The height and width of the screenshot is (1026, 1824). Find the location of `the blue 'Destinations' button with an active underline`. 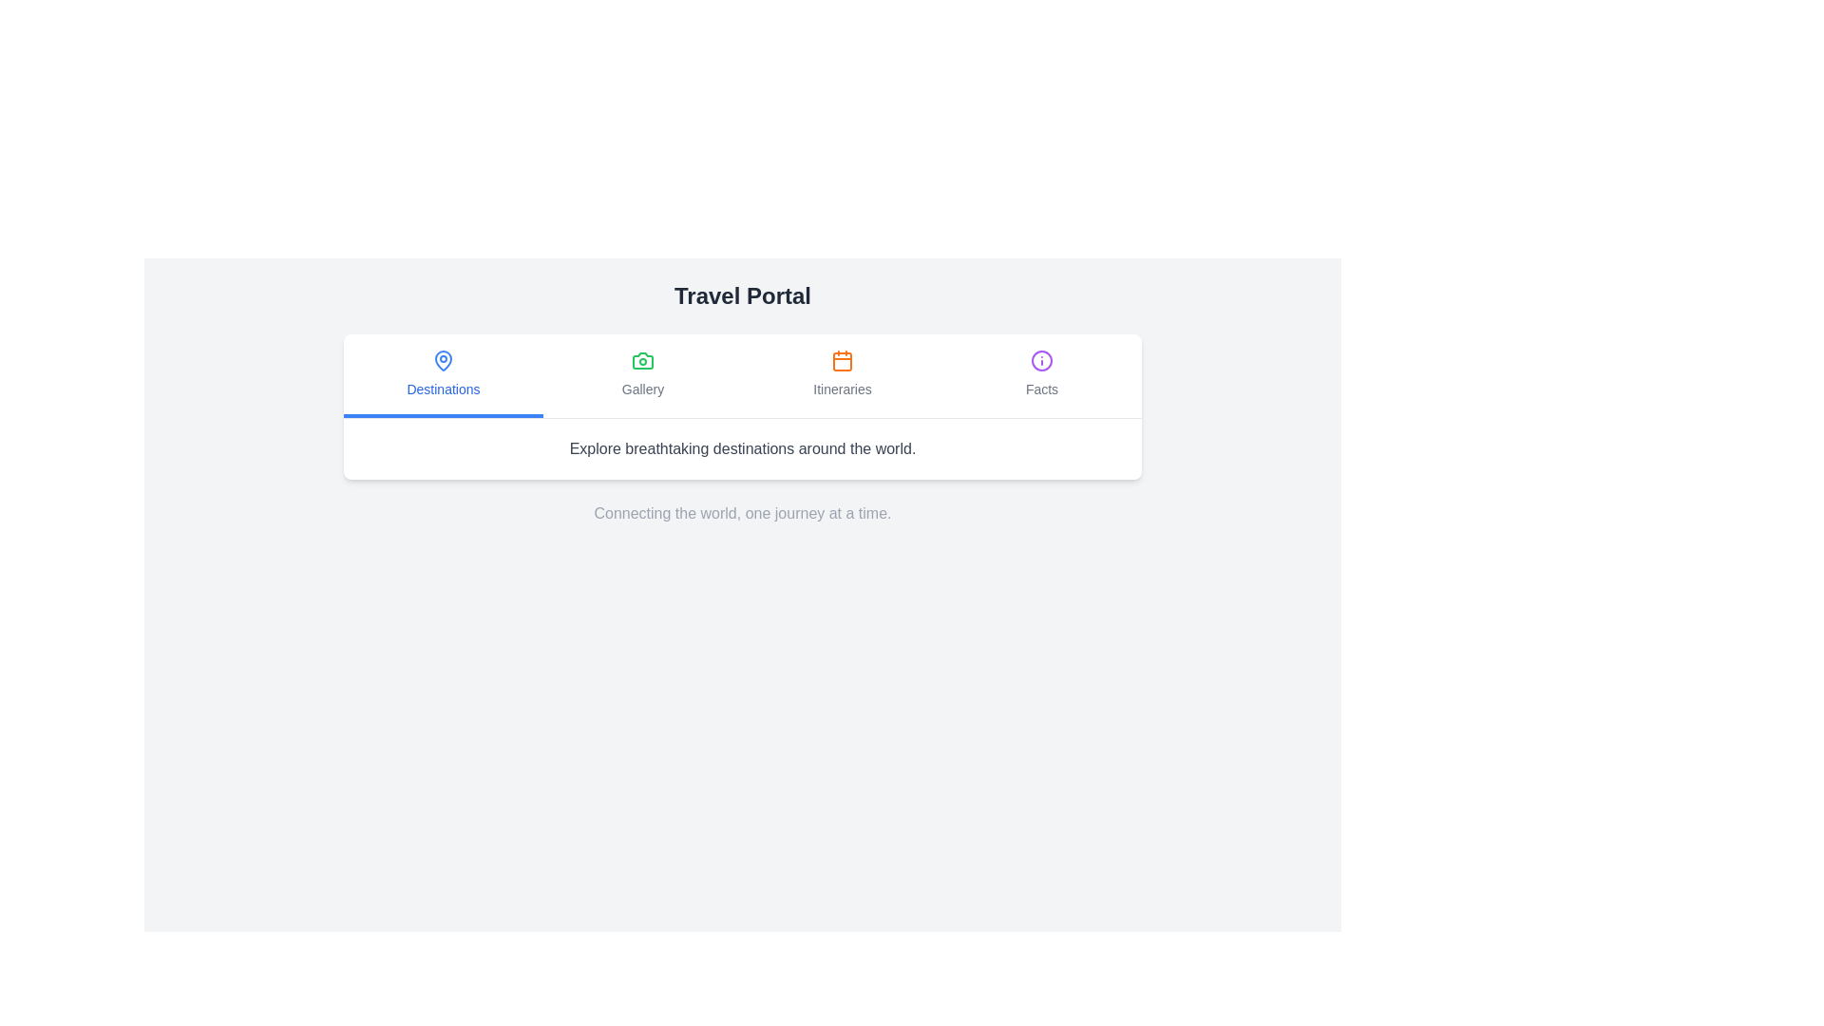

the blue 'Destinations' button with an active underline is located at coordinates (442, 376).